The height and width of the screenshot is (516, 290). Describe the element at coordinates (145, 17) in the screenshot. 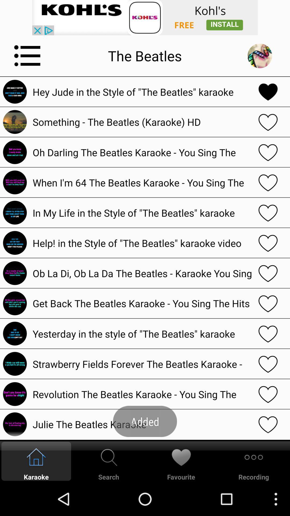

I see `advertisement` at that location.